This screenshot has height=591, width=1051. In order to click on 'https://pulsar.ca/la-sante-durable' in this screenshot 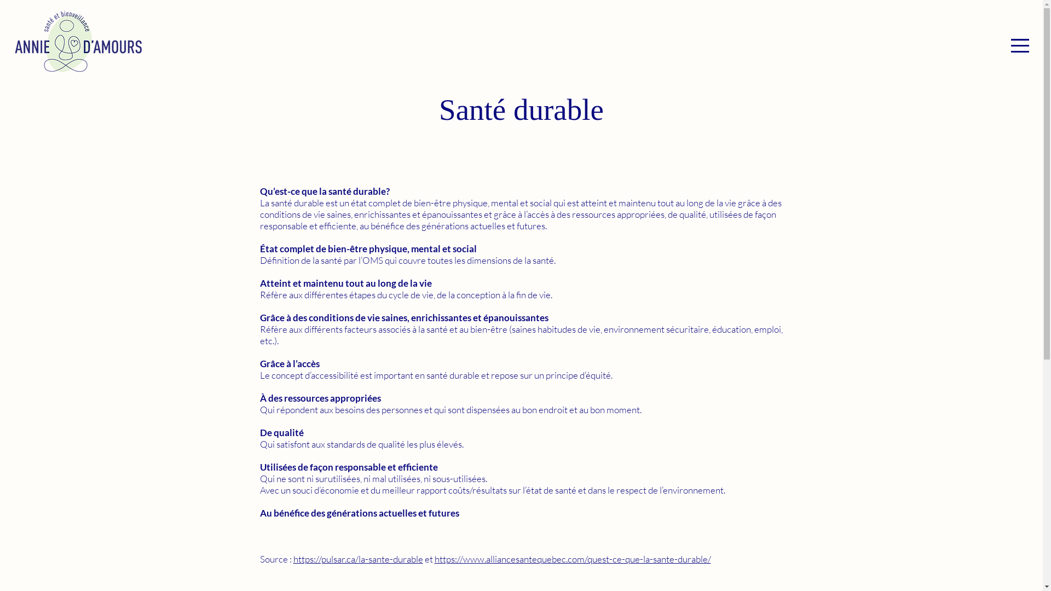, I will do `click(358, 559)`.